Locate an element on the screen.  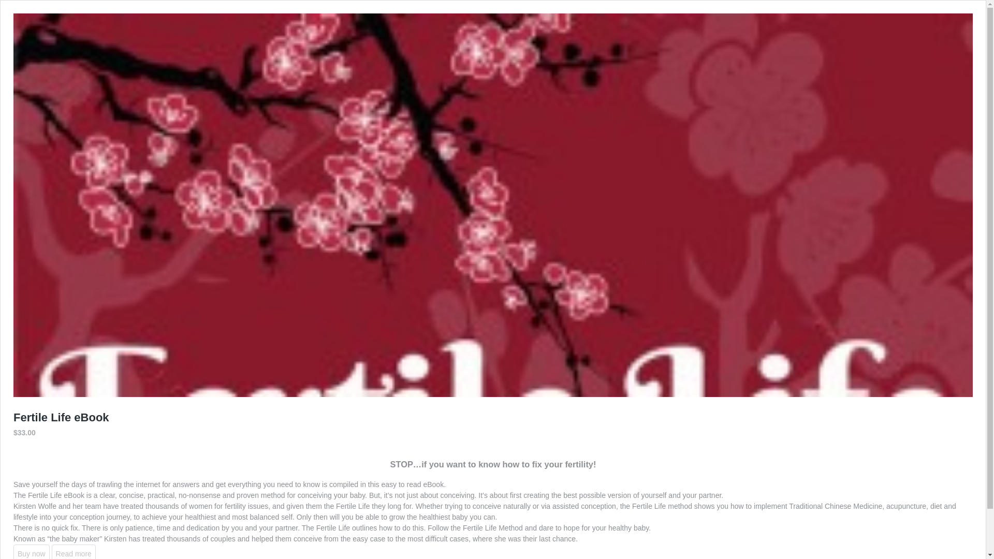
'Fertile Life eBook' is located at coordinates (61, 417).